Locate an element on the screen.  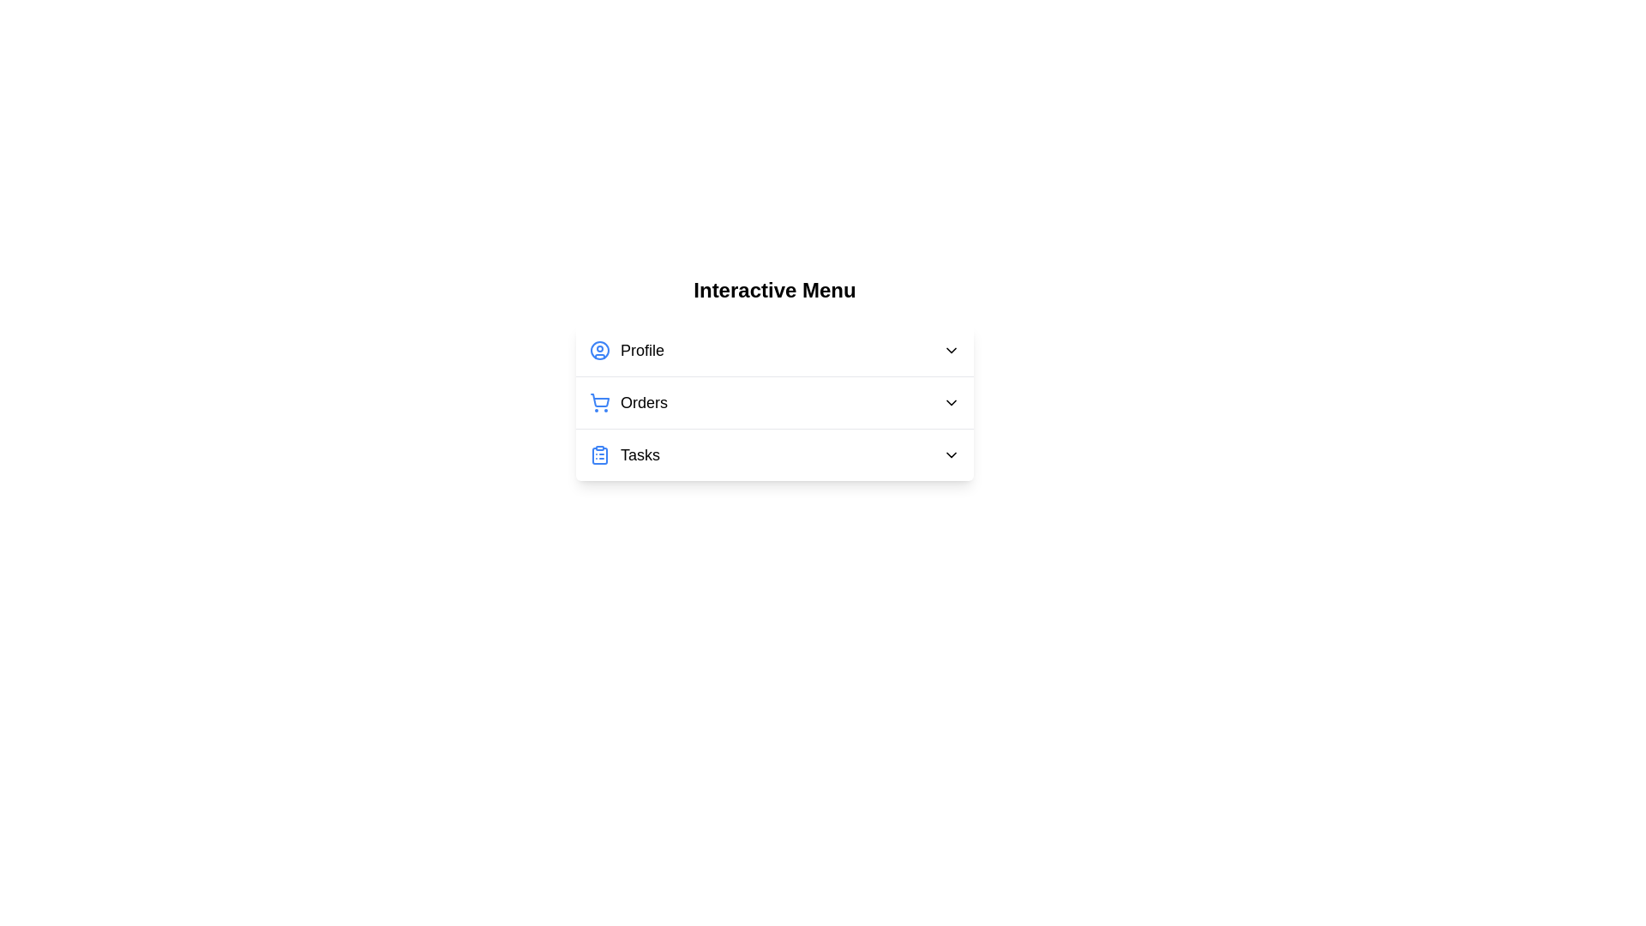
the outer circle of the user icon, which visually represents a user profile, located to the left of the 'Profile' menu item is located at coordinates (600, 349).